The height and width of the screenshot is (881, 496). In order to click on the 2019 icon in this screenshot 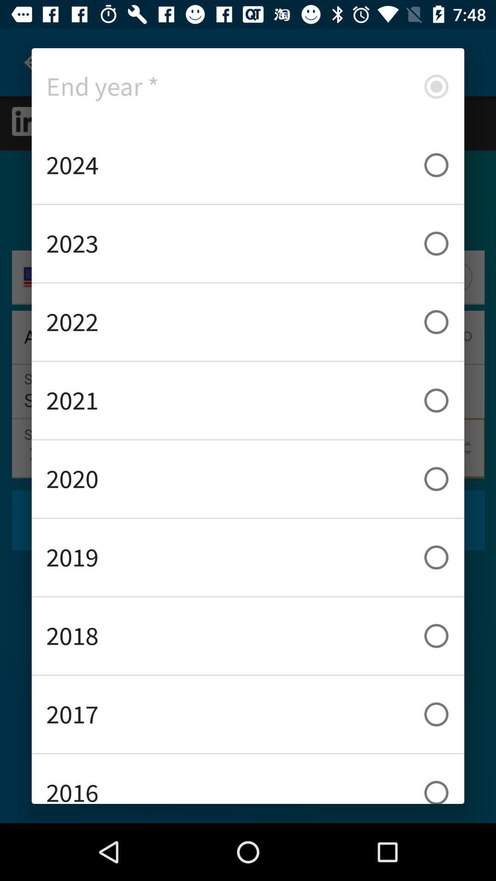, I will do `click(248, 557)`.